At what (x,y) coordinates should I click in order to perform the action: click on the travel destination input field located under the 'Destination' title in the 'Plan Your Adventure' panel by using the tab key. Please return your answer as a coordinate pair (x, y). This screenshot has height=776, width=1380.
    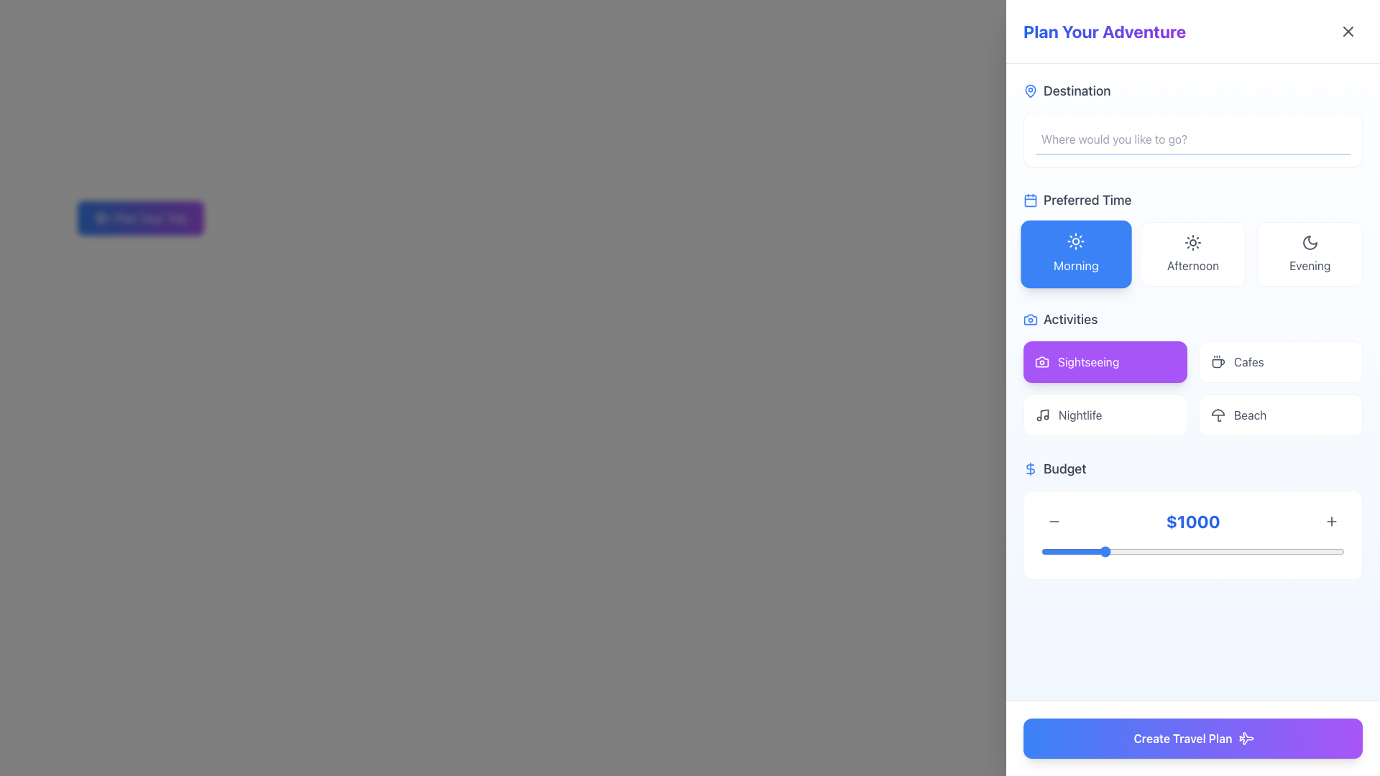
    Looking at the image, I should click on (1193, 140).